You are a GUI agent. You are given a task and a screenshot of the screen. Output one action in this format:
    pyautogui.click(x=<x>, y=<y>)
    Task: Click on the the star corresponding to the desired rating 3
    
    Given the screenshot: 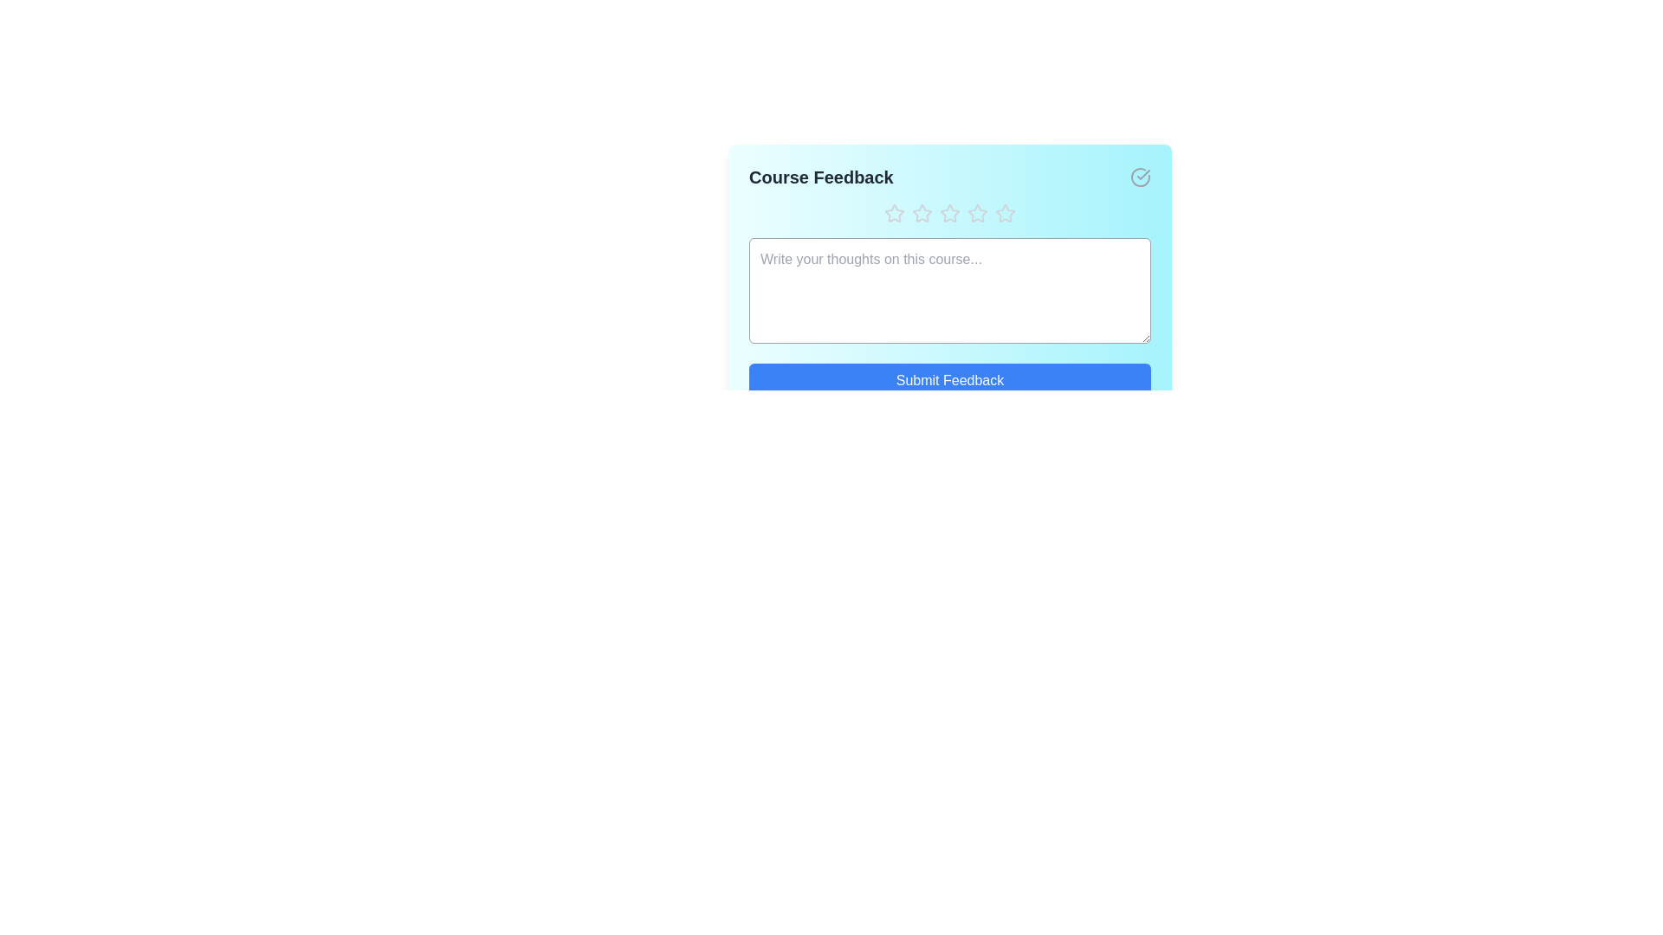 What is the action you would take?
    pyautogui.click(x=949, y=212)
    